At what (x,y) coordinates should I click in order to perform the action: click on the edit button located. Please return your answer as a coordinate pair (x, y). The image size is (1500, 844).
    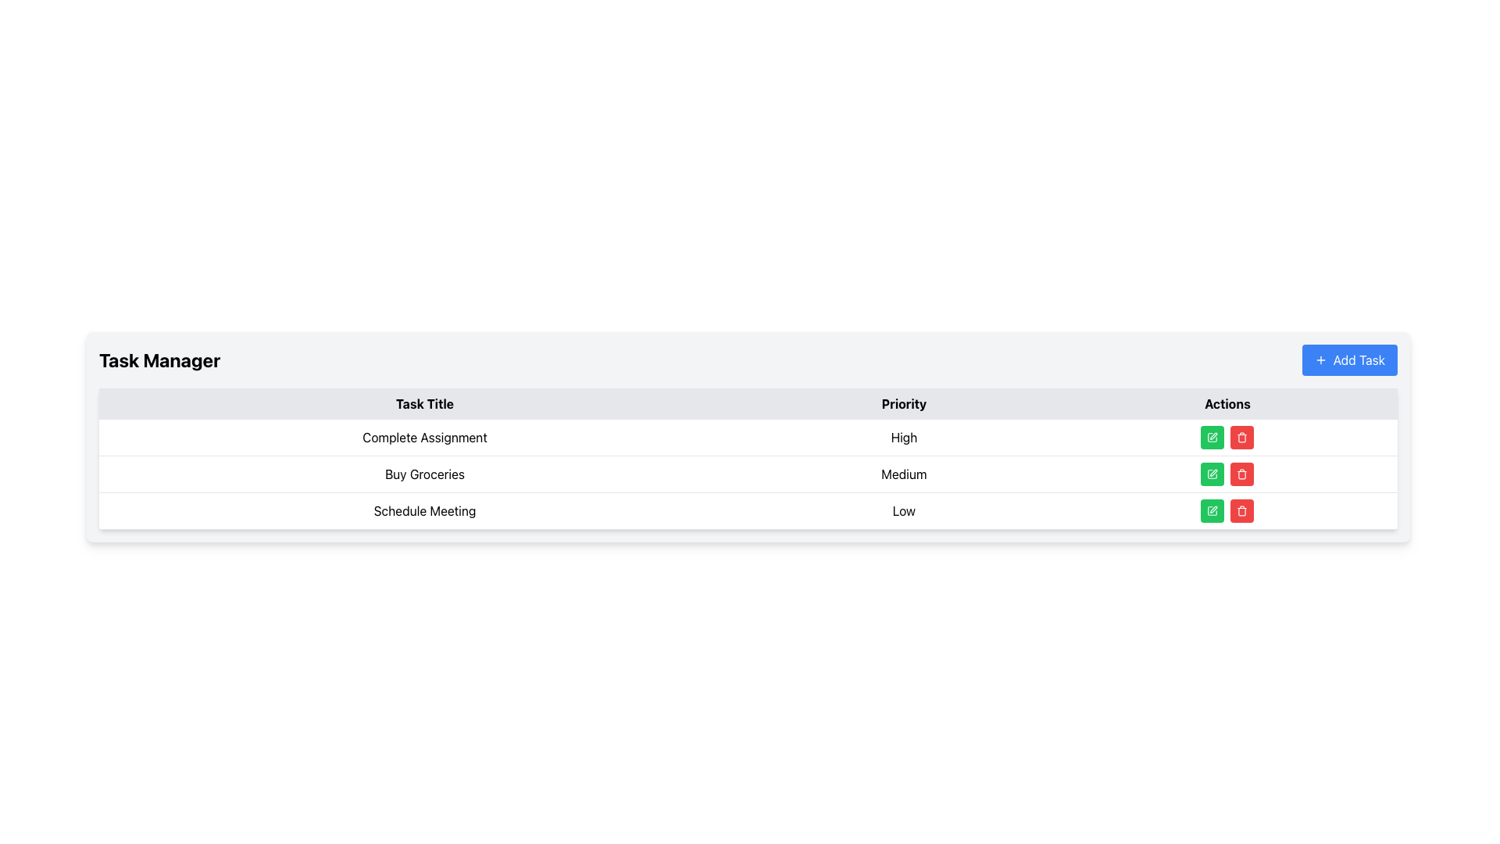
    Looking at the image, I should click on (1212, 473).